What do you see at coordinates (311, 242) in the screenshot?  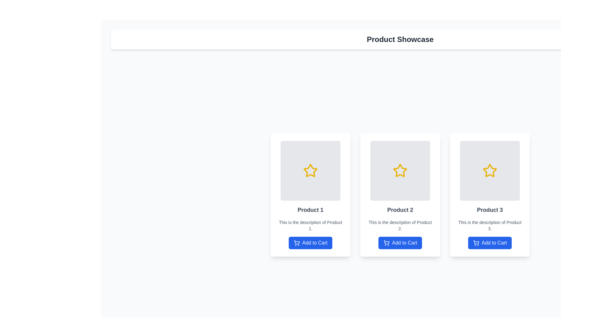 I see `the 'Add to Cart' button with blue background and white text` at bounding box center [311, 242].